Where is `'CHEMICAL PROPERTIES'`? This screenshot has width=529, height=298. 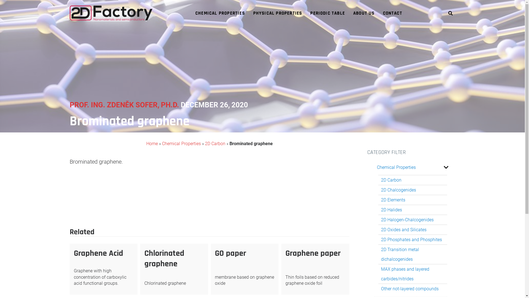 'CHEMICAL PROPERTIES' is located at coordinates (220, 13).